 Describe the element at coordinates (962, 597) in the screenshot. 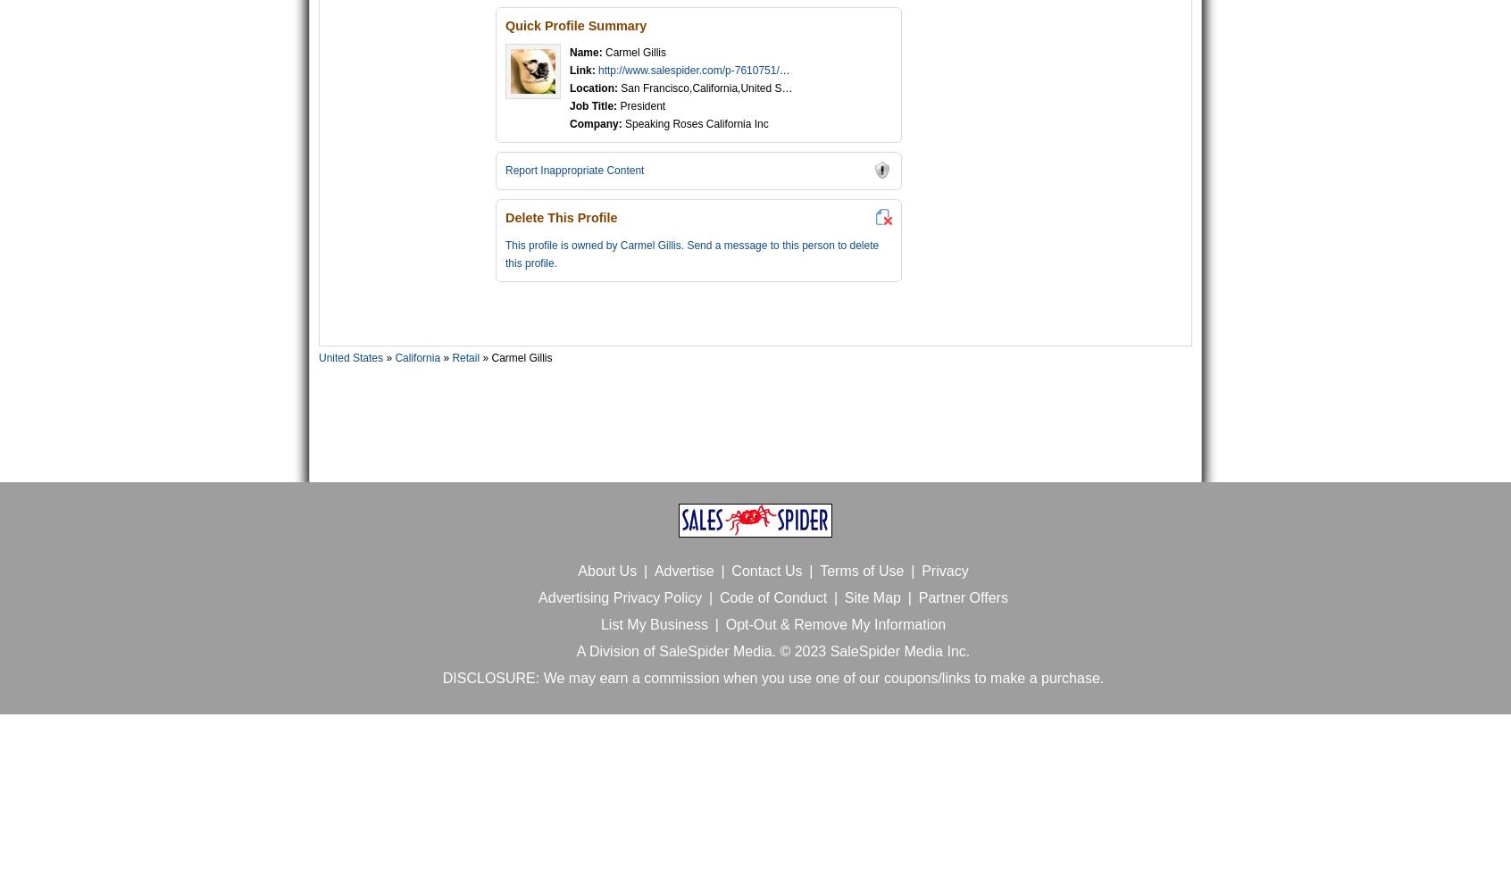

I see `'Partner Offers'` at that location.